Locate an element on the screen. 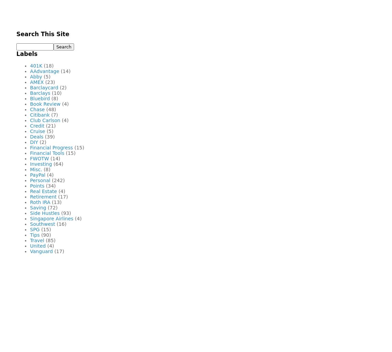 The width and height of the screenshot is (392, 352). 'Abby' is located at coordinates (30, 76).